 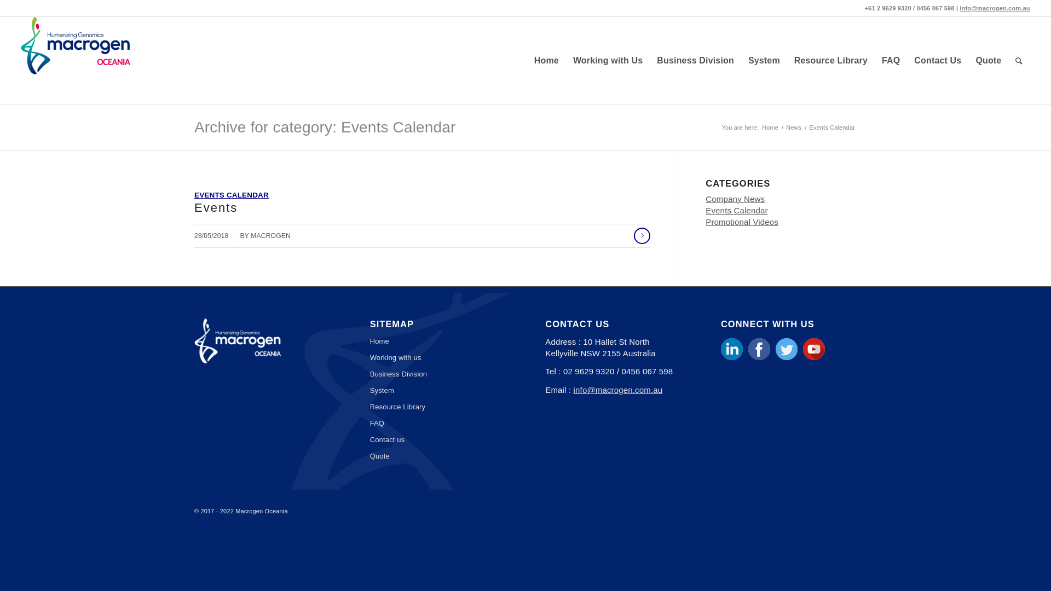 What do you see at coordinates (995, 8) in the screenshot?
I see `'info@macrogen.com.au'` at bounding box center [995, 8].